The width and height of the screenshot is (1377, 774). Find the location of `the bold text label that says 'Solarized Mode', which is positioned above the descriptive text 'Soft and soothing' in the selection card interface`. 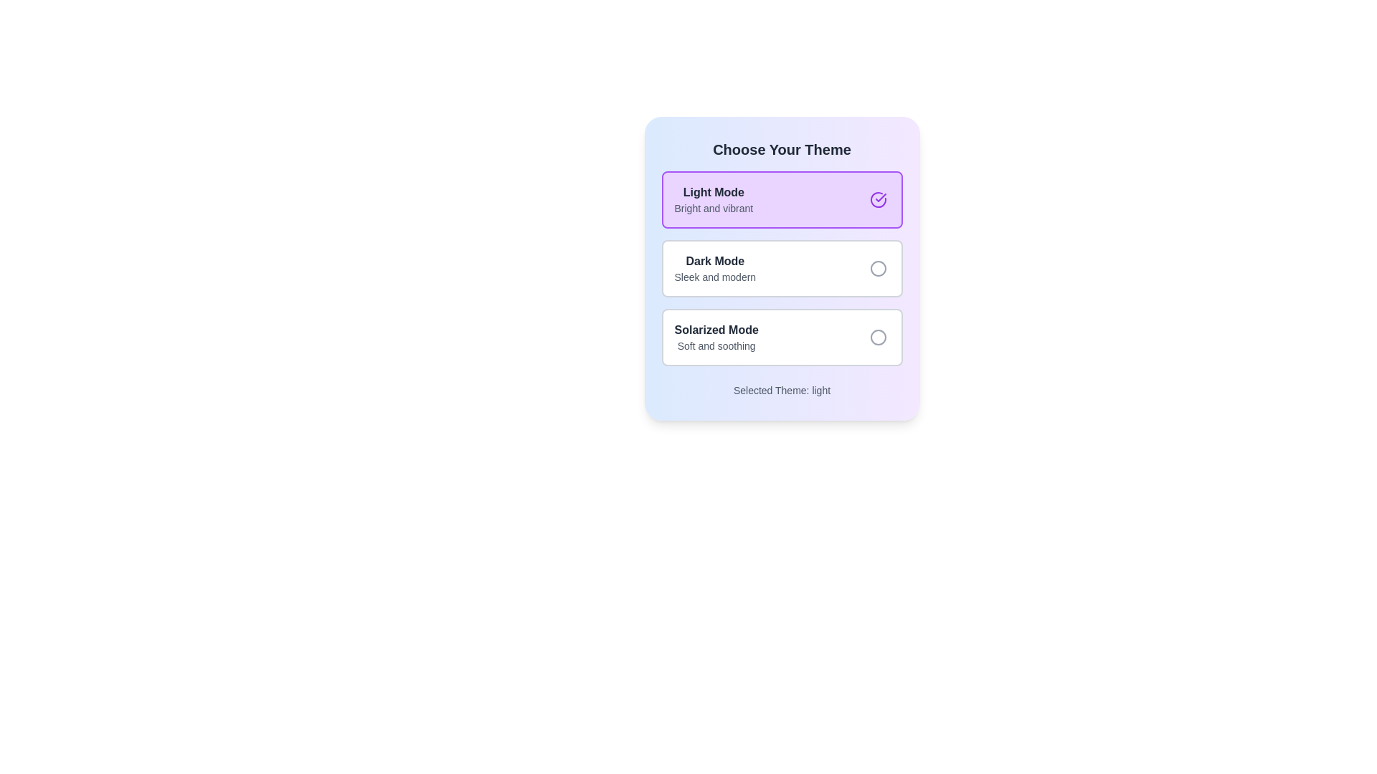

the bold text label that says 'Solarized Mode', which is positioned above the descriptive text 'Soft and soothing' in the selection card interface is located at coordinates (716, 330).